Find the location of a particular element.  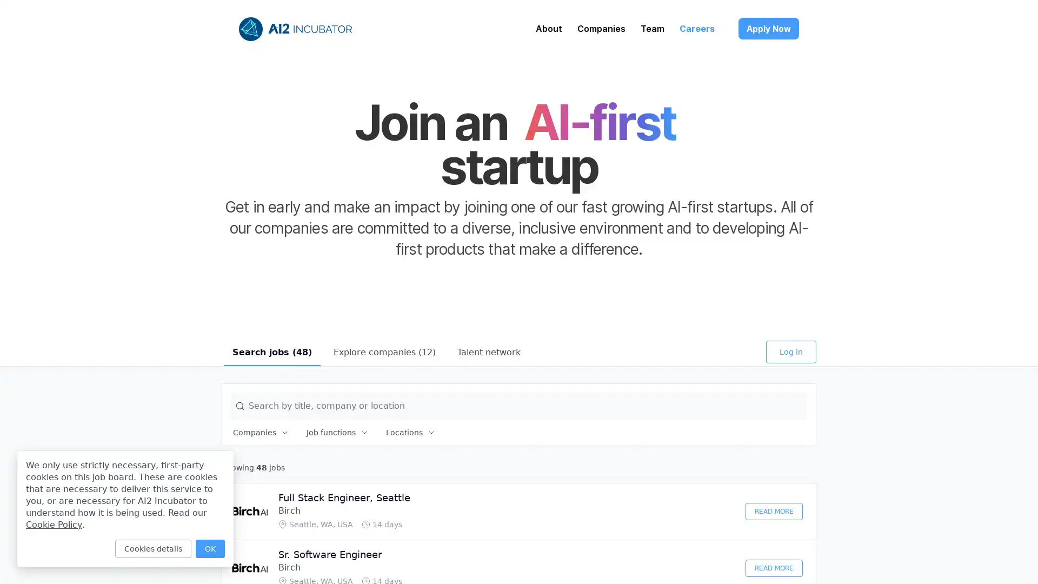

Discard is located at coordinates (714, 567).